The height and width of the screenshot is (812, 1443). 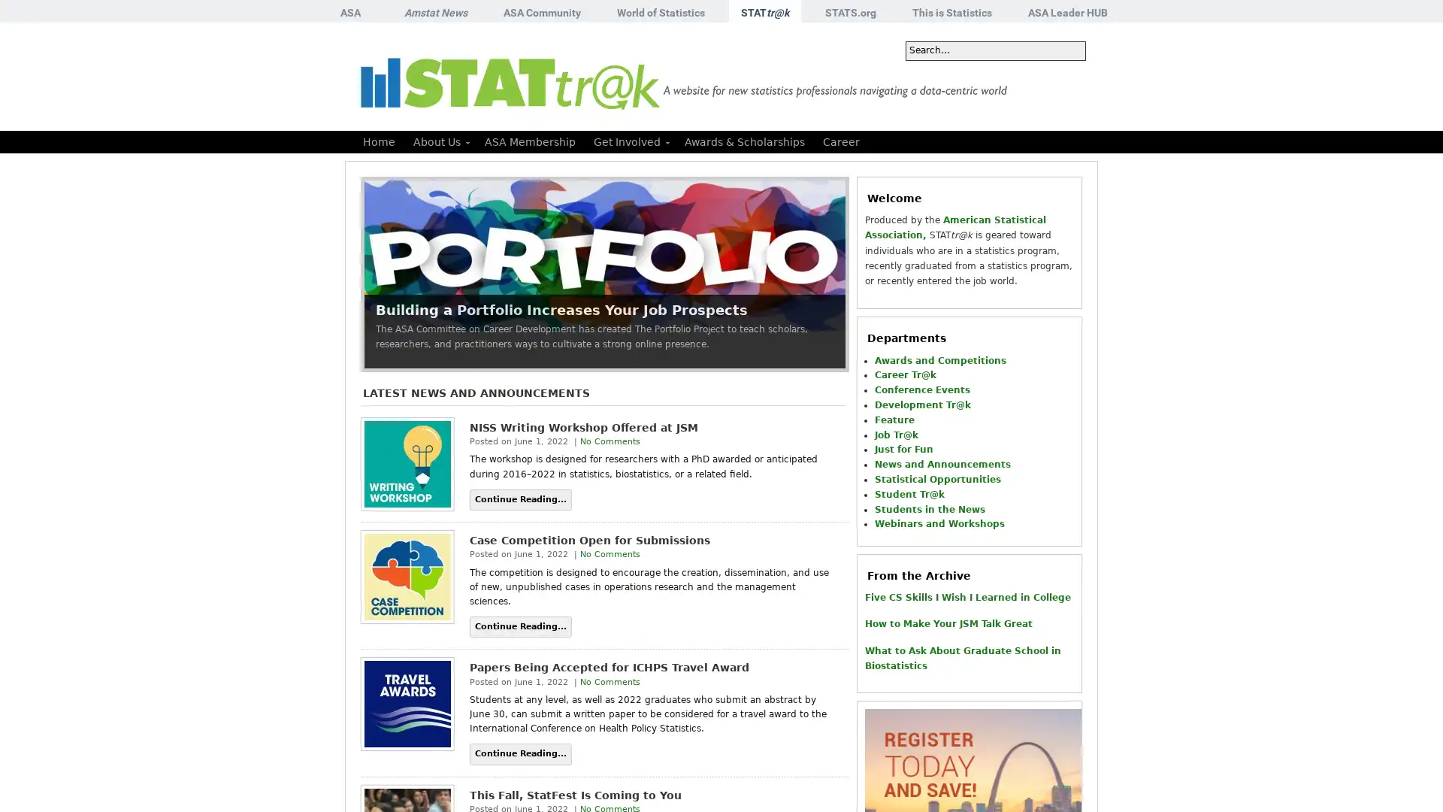 What do you see at coordinates (1064, 50) in the screenshot?
I see `Search` at bounding box center [1064, 50].